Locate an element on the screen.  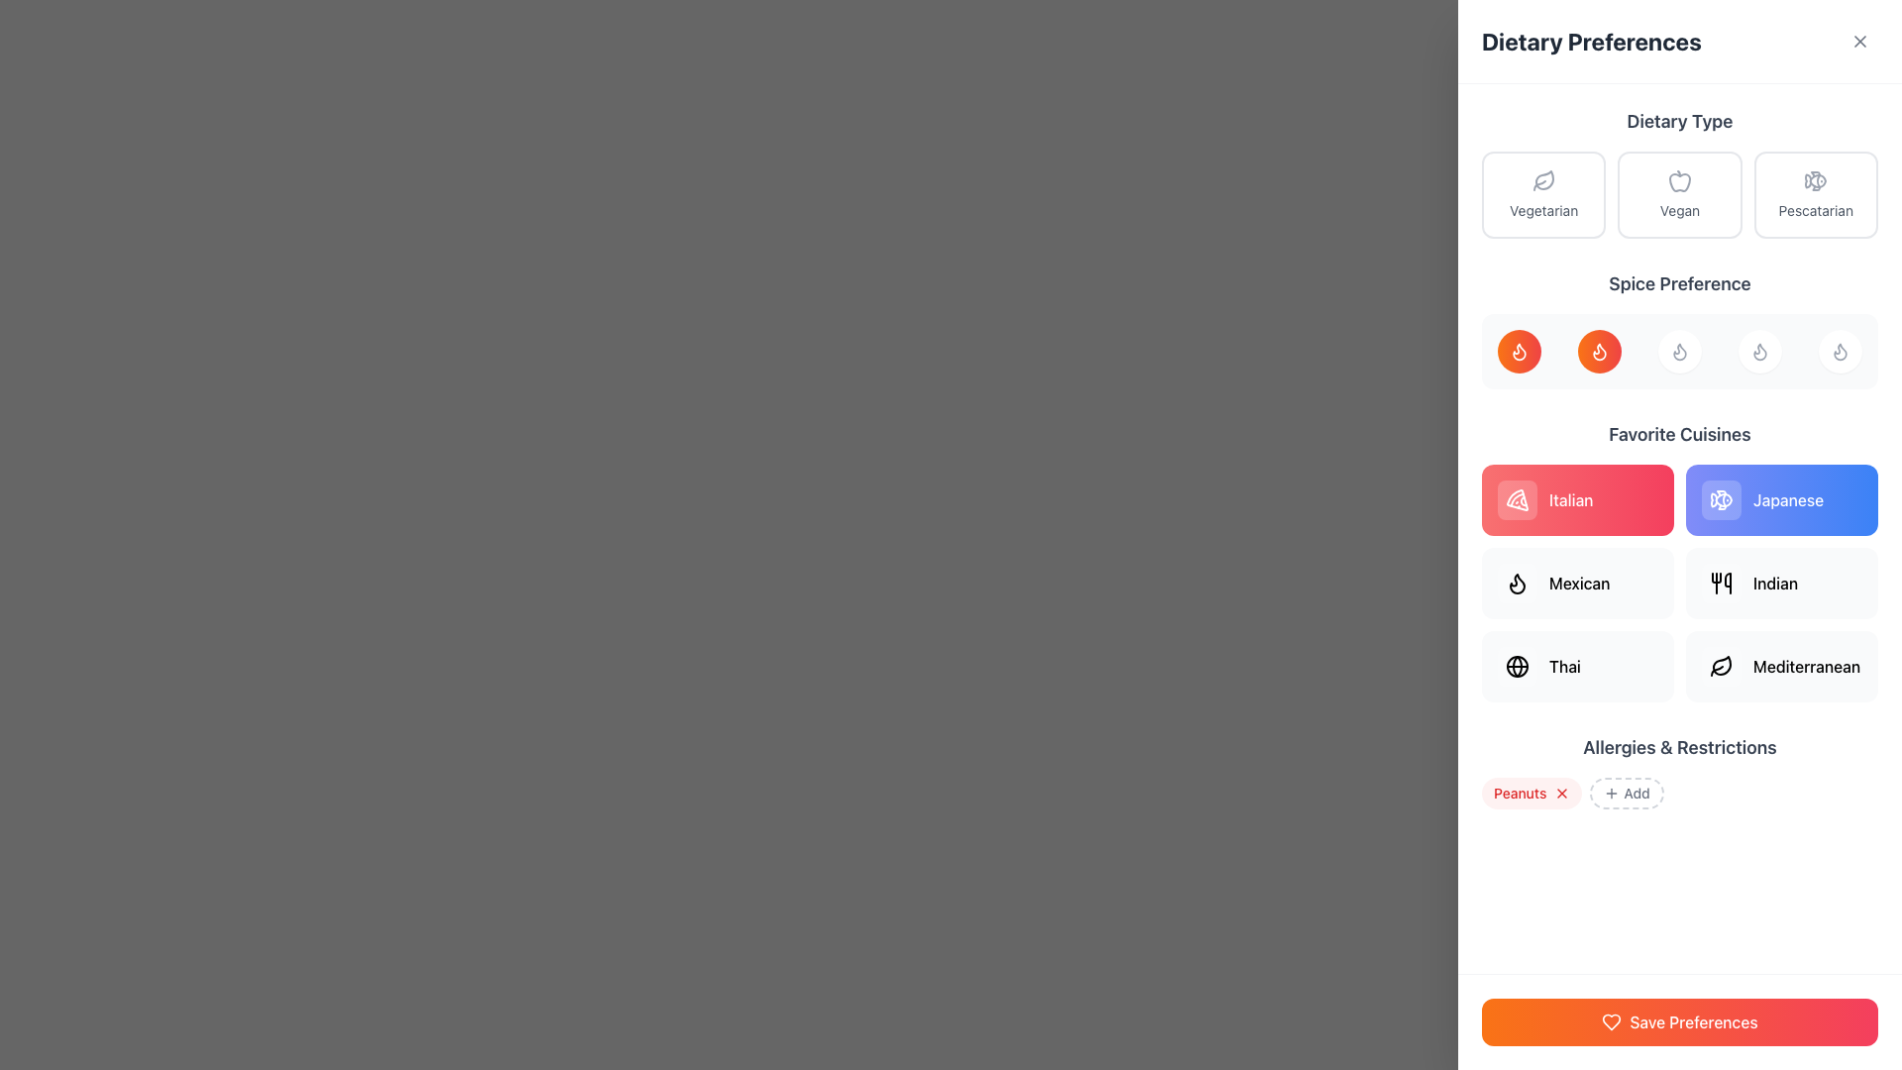
the small rectangular button with rounded corners, featuring a red background and a white pizza slice icon, located under the 'Favorite Cuisines' section is located at coordinates (1516, 499).